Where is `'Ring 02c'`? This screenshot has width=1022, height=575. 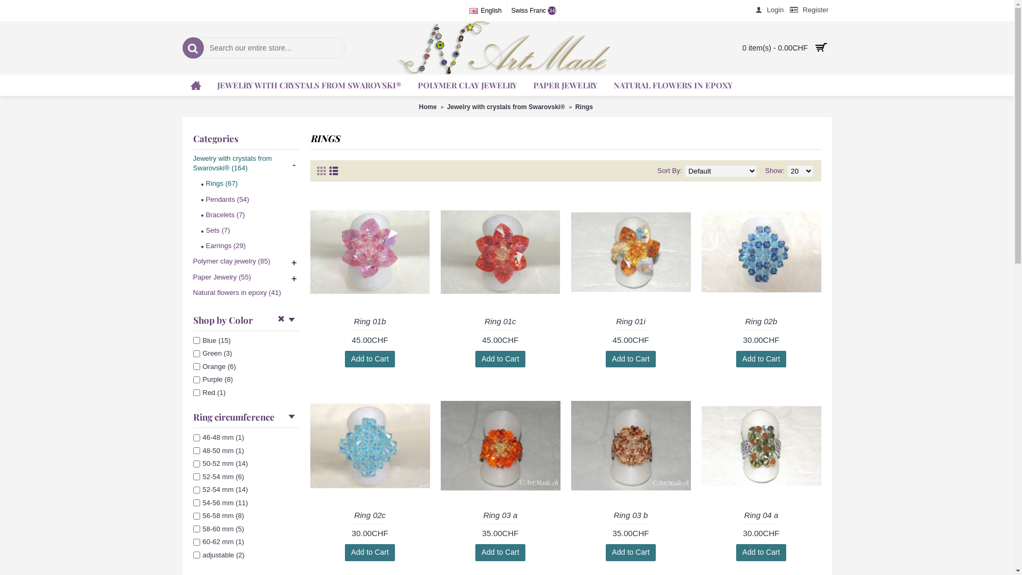
'Ring 02c' is located at coordinates (369, 514).